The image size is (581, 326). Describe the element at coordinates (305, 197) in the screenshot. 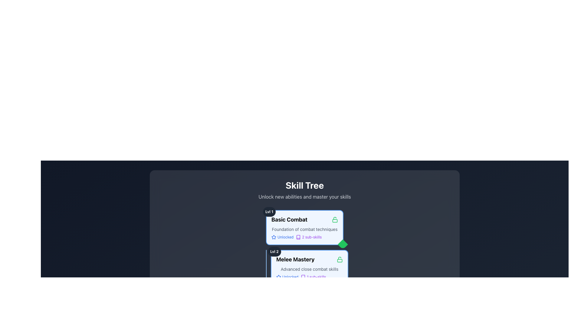

I see `the descriptive subtitle located beneath the 'Skill Tree' header` at that location.